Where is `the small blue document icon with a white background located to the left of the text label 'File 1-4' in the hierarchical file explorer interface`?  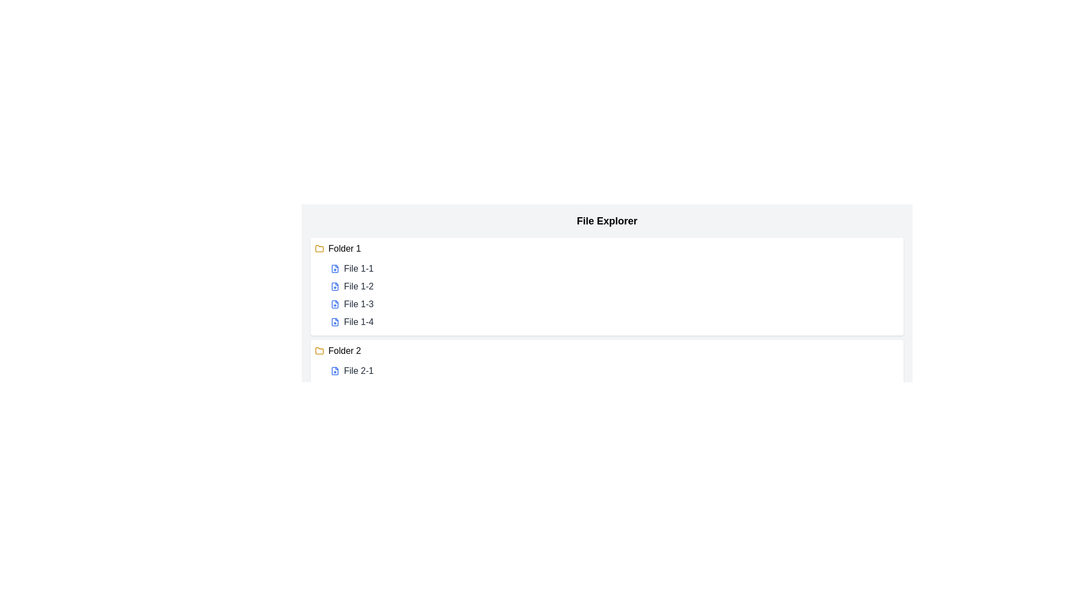
the small blue document icon with a white background located to the left of the text label 'File 1-4' in the hierarchical file explorer interface is located at coordinates (335, 322).